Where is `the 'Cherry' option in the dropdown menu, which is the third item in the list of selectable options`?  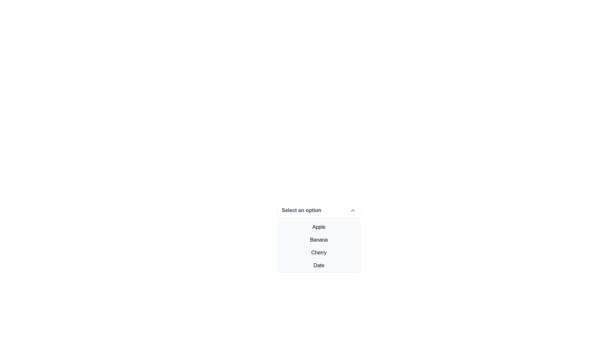 the 'Cherry' option in the dropdown menu, which is the third item in the list of selectable options is located at coordinates (319, 252).